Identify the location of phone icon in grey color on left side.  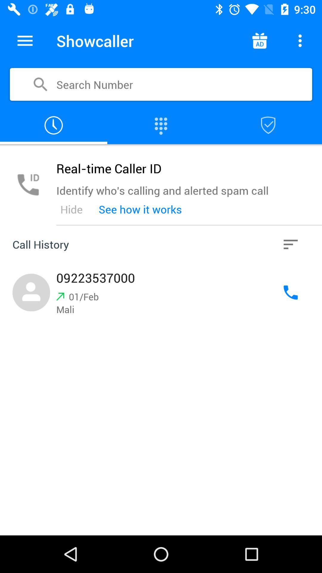
(28, 184).